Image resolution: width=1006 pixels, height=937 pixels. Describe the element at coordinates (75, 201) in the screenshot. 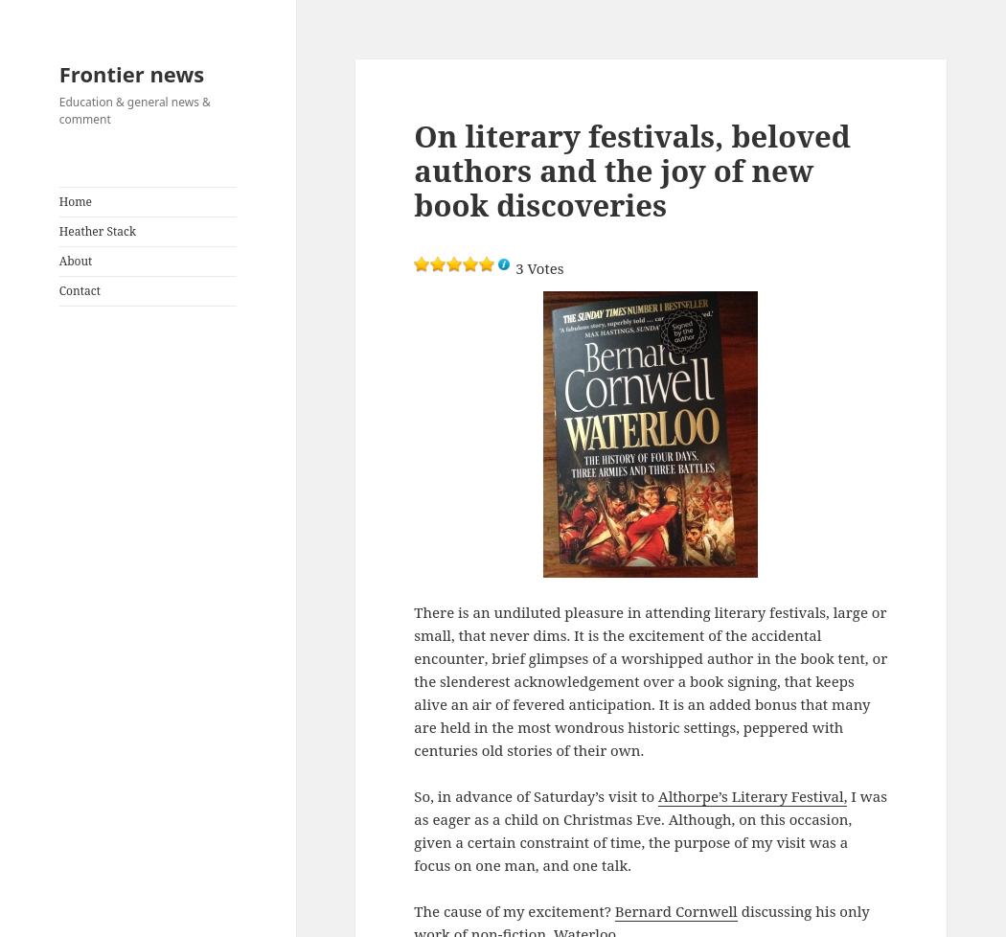

I see `'Home'` at that location.